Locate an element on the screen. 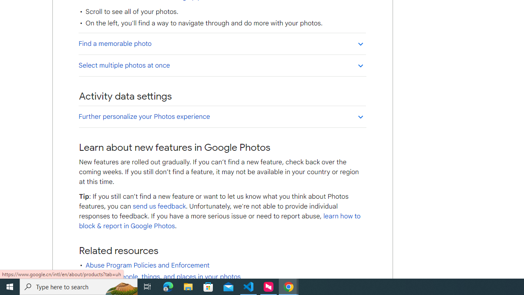 The height and width of the screenshot is (295, 524). 'learn how to block & report in Google Photos' is located at coordinates (219, 221).